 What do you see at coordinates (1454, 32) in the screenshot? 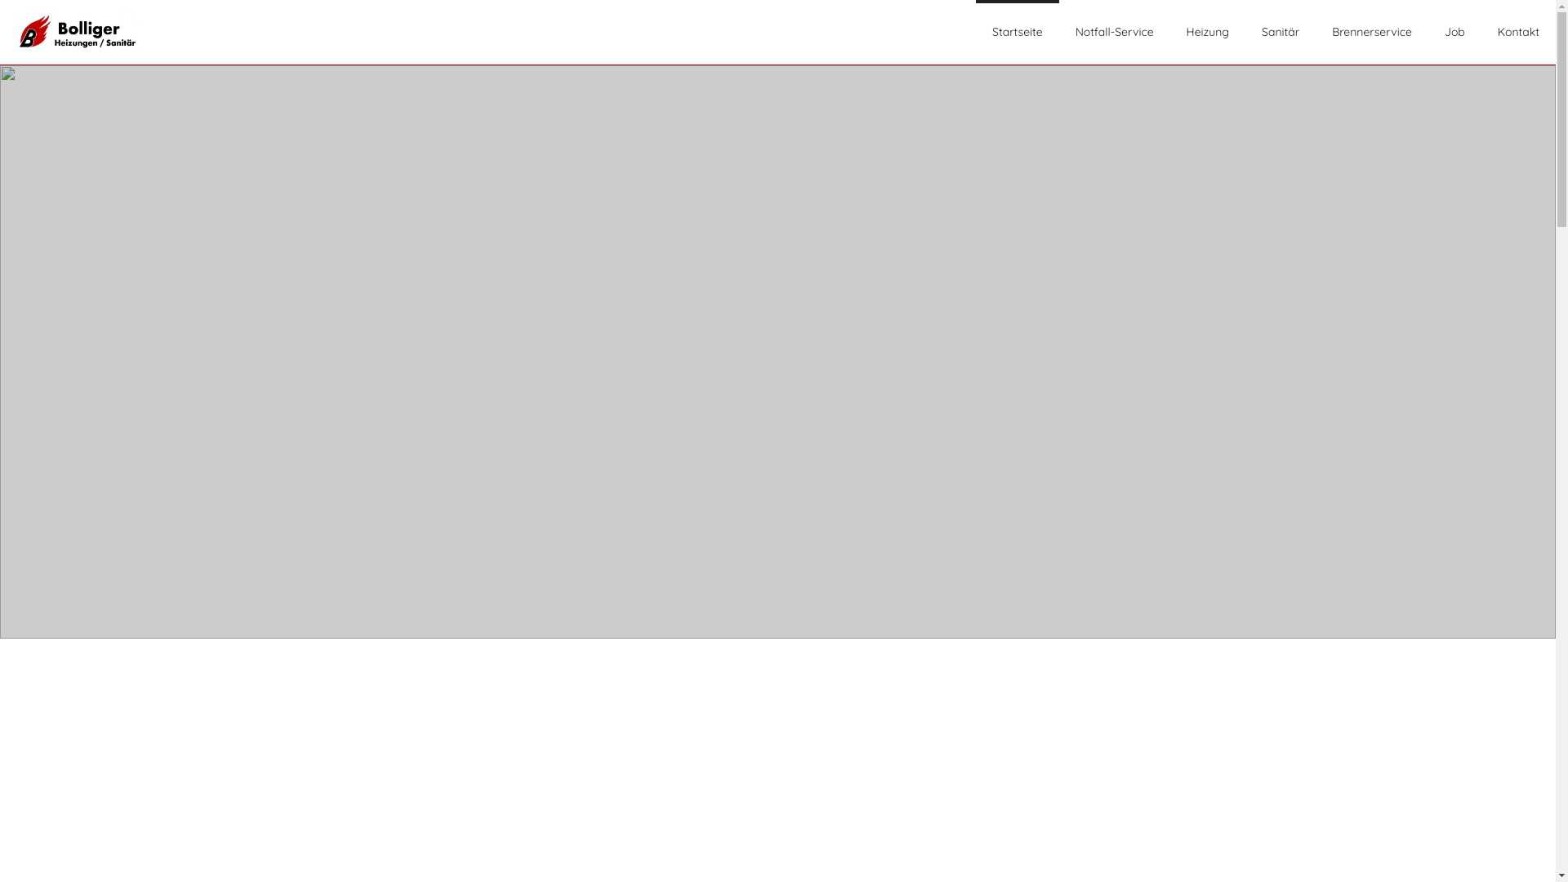
I see `'Job'` at bounding box center [1454, 32].